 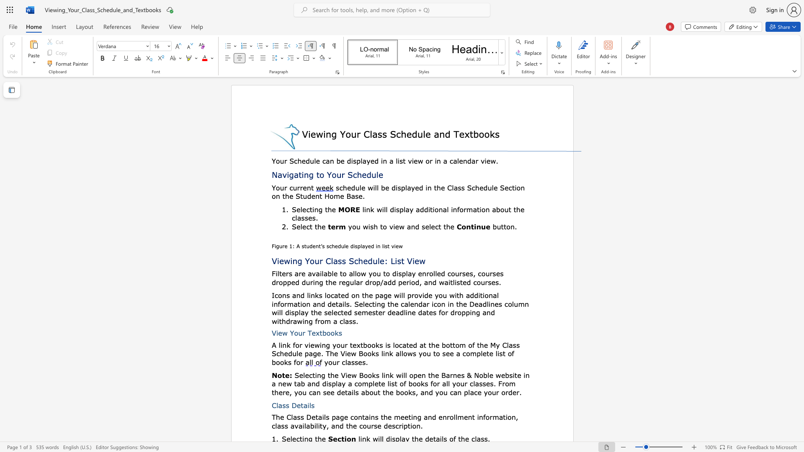 What do you see at coordinates (280, 417) in the screenshot?
I see `the subset text "e Cl" within the text "The Class Details page"` at bounding box center [280, 417].